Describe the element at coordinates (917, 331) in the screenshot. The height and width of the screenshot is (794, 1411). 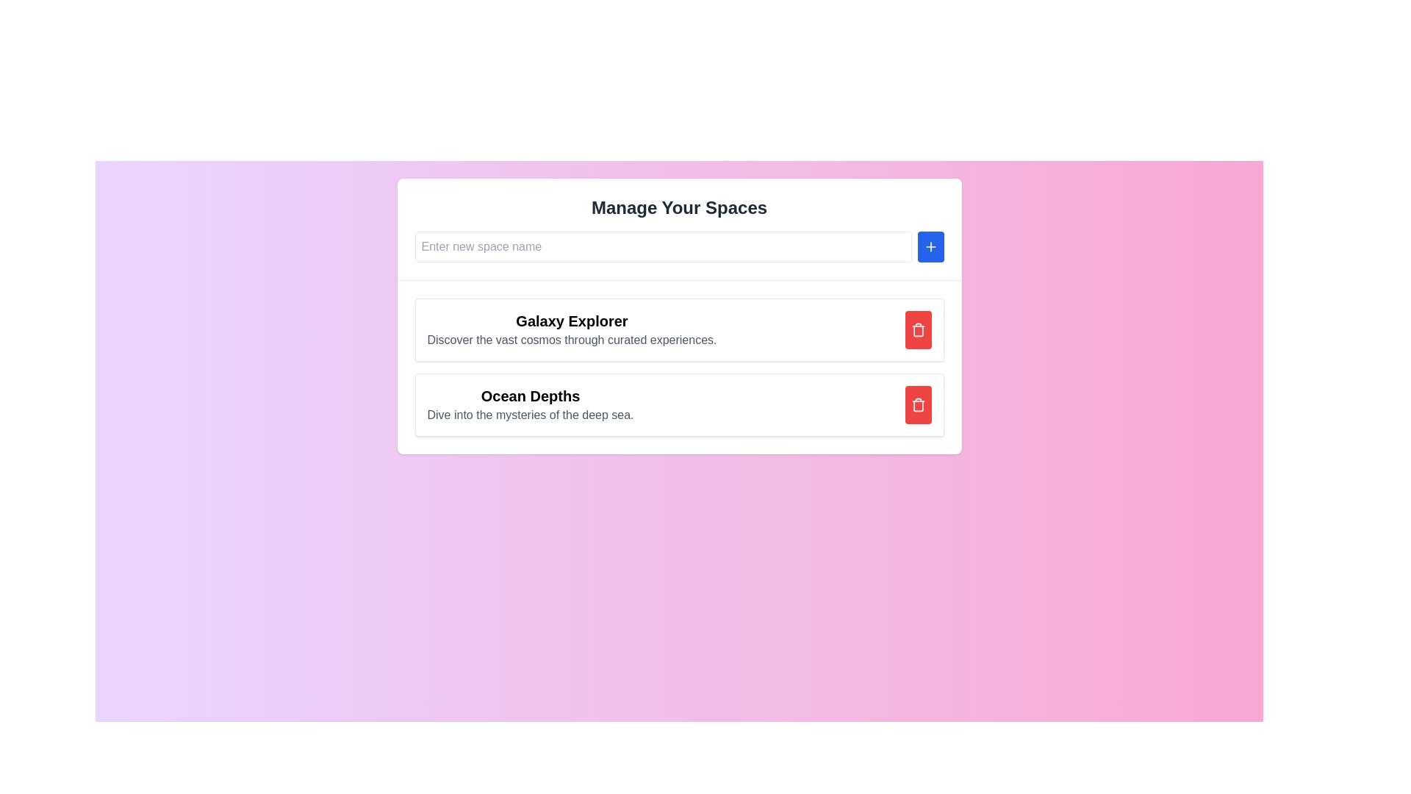
I see `the middle part of the SVG trash icon, which is visually part of the deletion button, located within the red button to the right of the list item` at that location.